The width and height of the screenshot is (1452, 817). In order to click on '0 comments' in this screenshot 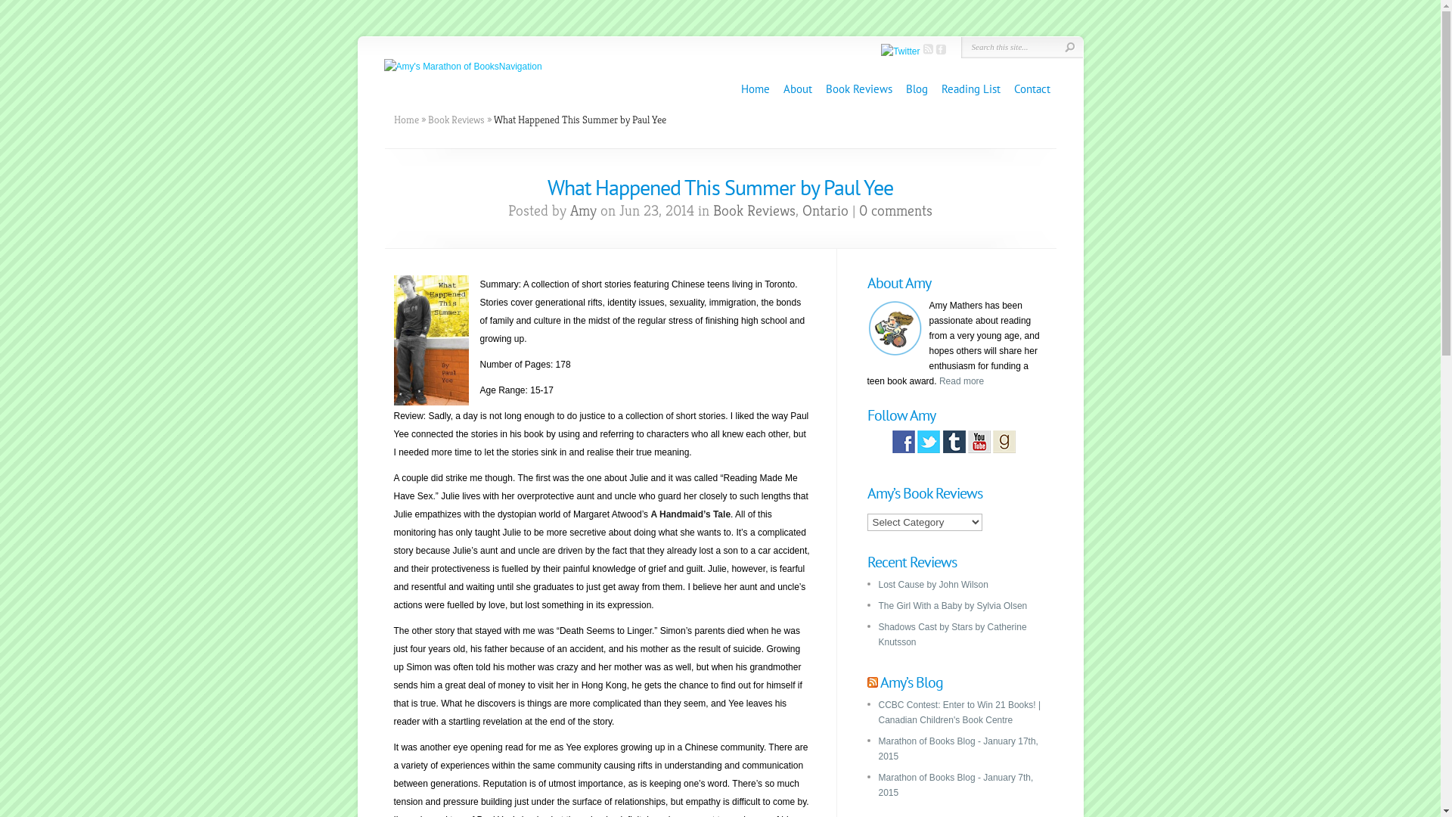, I will do `click(859, 210)`.